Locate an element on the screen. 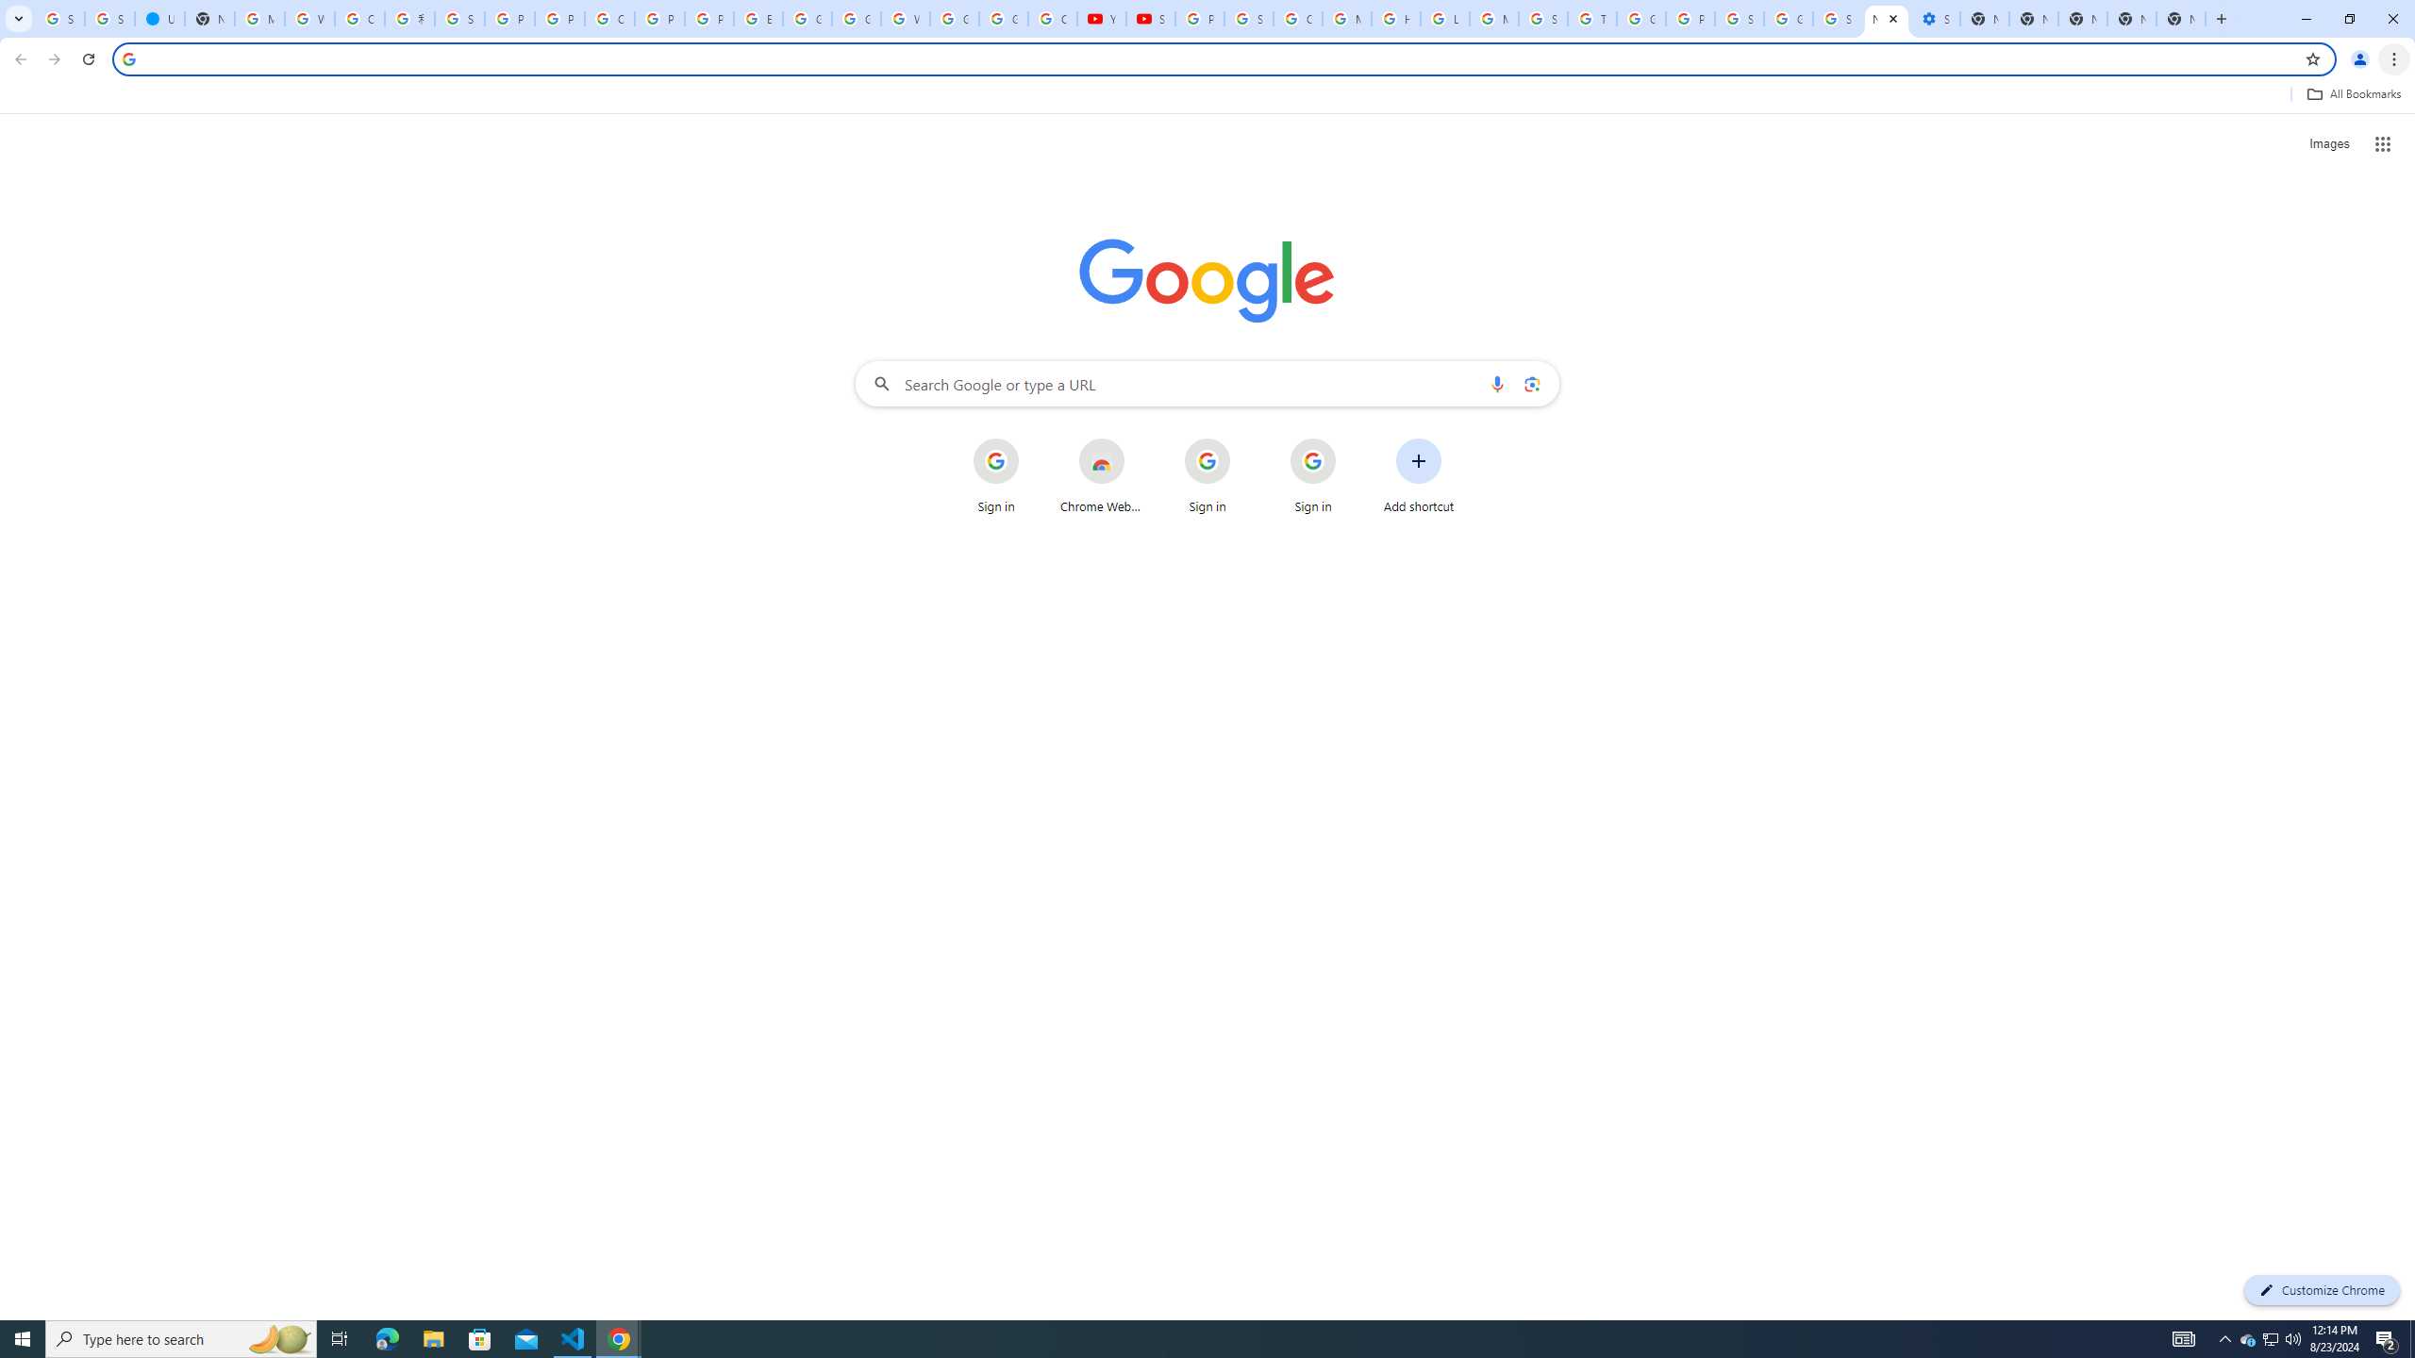 The height and width of the screenshot is (1358, 2415). 'Who is my administrator? - Google Account Help' is located at coordinates (308, 18).